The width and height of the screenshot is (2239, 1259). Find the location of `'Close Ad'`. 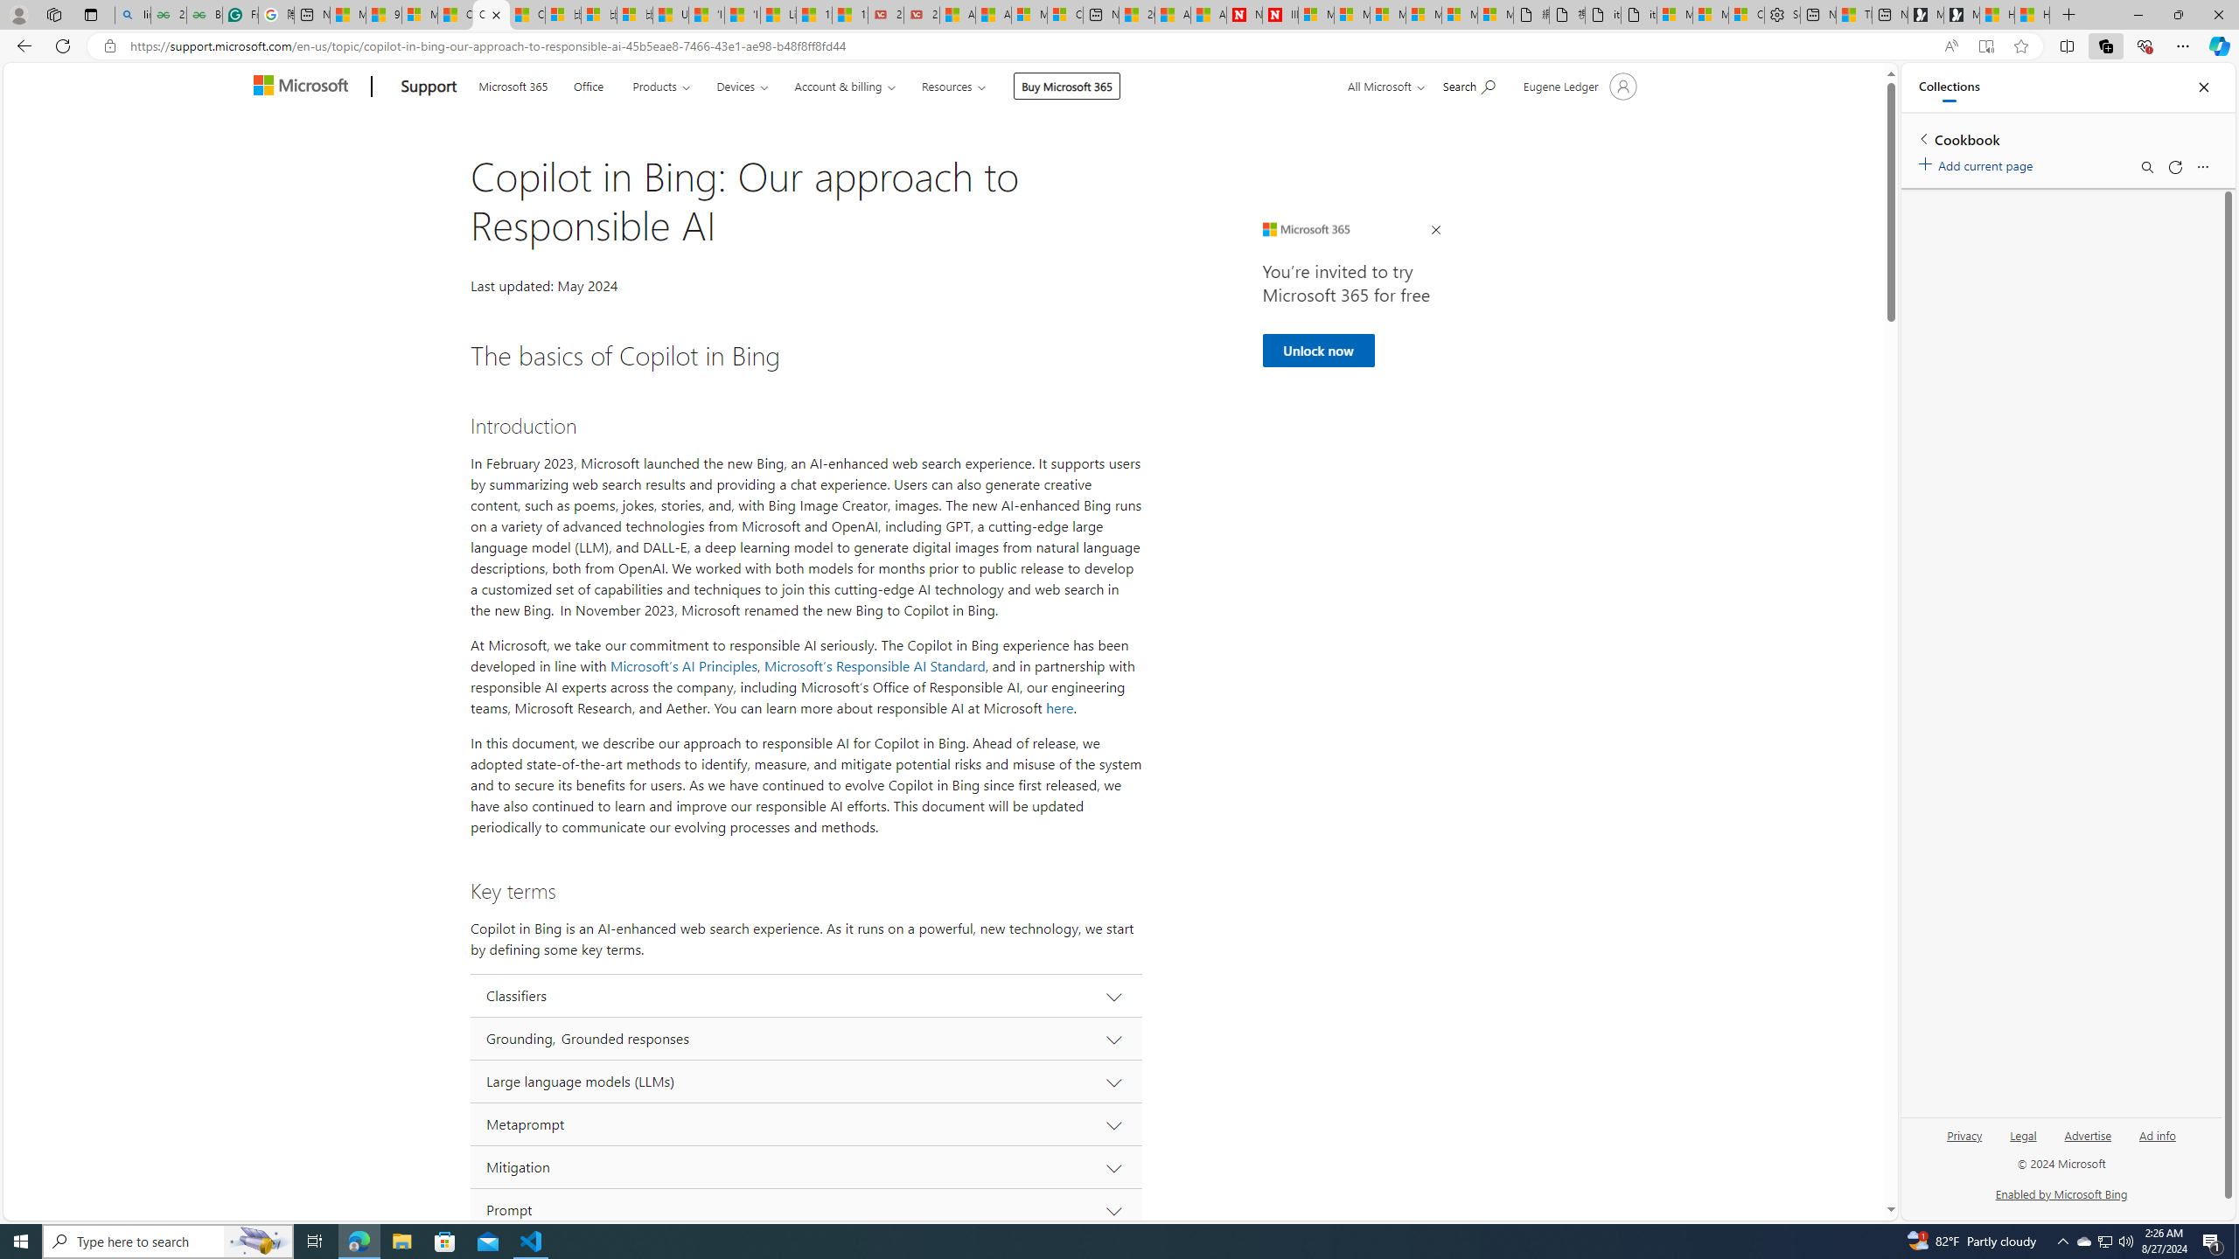

'Close Ad' is located at coordinates (1436, 230).